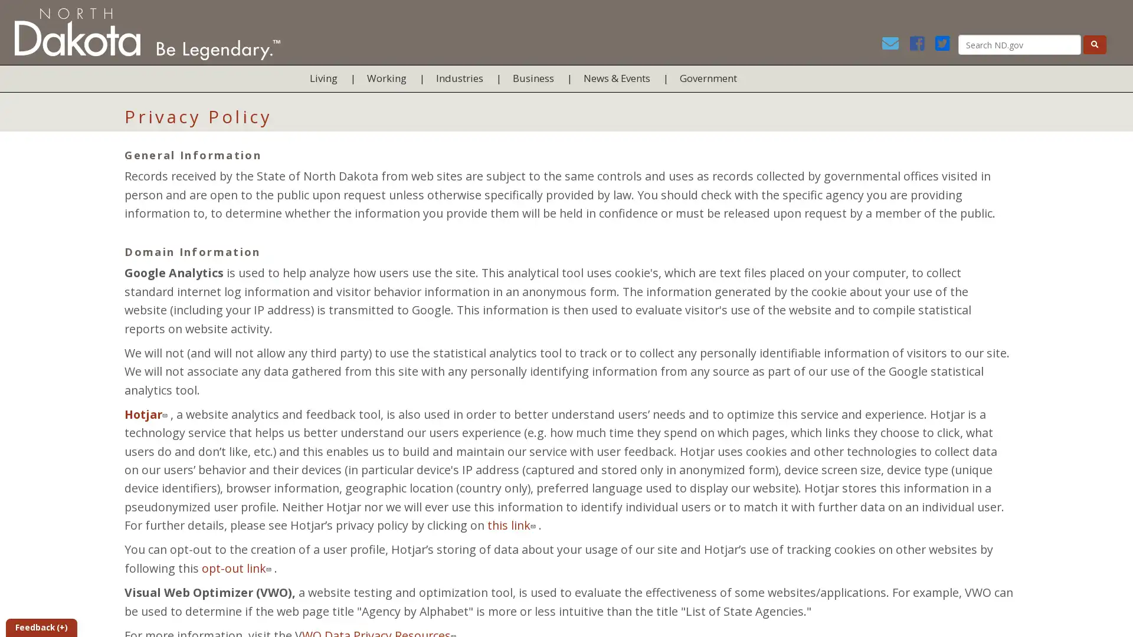 This screenshot has height=637, width=1133. I want to click on Contact Us, so click(894, 45).